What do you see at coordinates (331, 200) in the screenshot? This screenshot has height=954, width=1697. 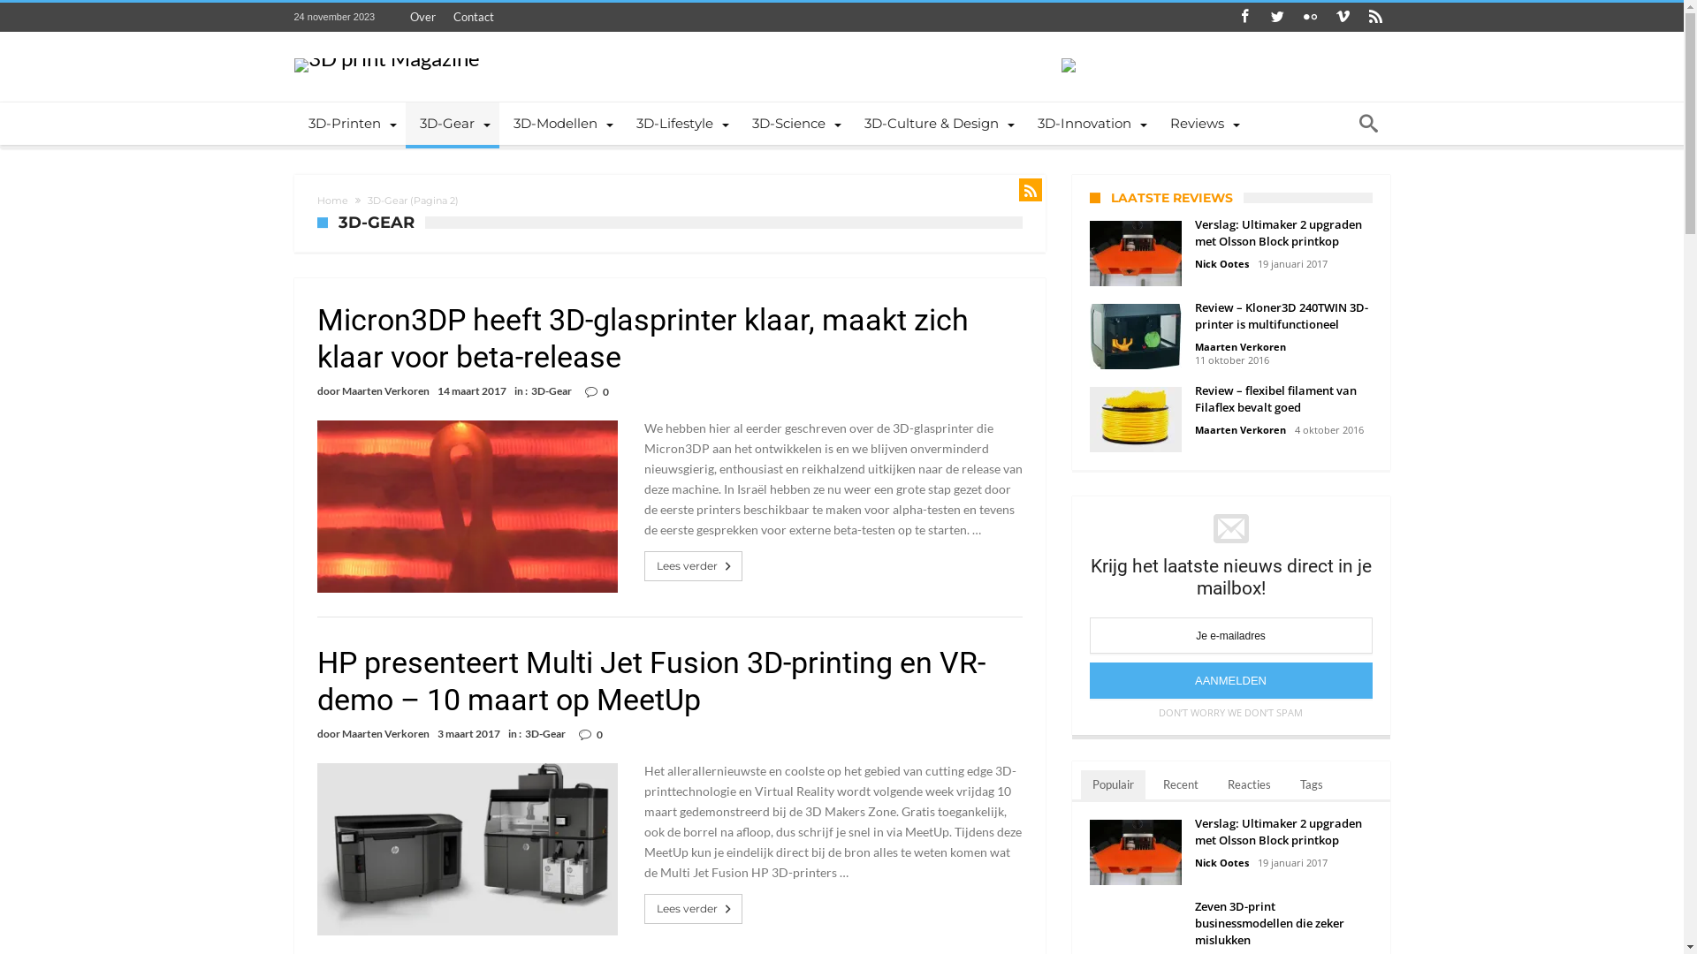 I see `'Home'` at bounding box center [331, 200].